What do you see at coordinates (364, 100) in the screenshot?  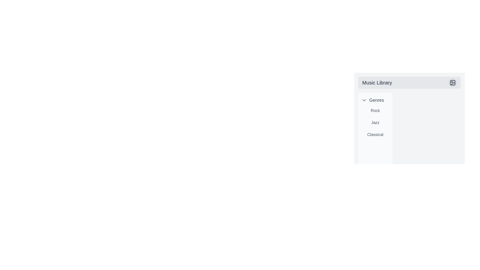 I see `the downward-facing gray chevron icon located next to the 'Genres' text in the sidebar` at bounding box center [364, 100].